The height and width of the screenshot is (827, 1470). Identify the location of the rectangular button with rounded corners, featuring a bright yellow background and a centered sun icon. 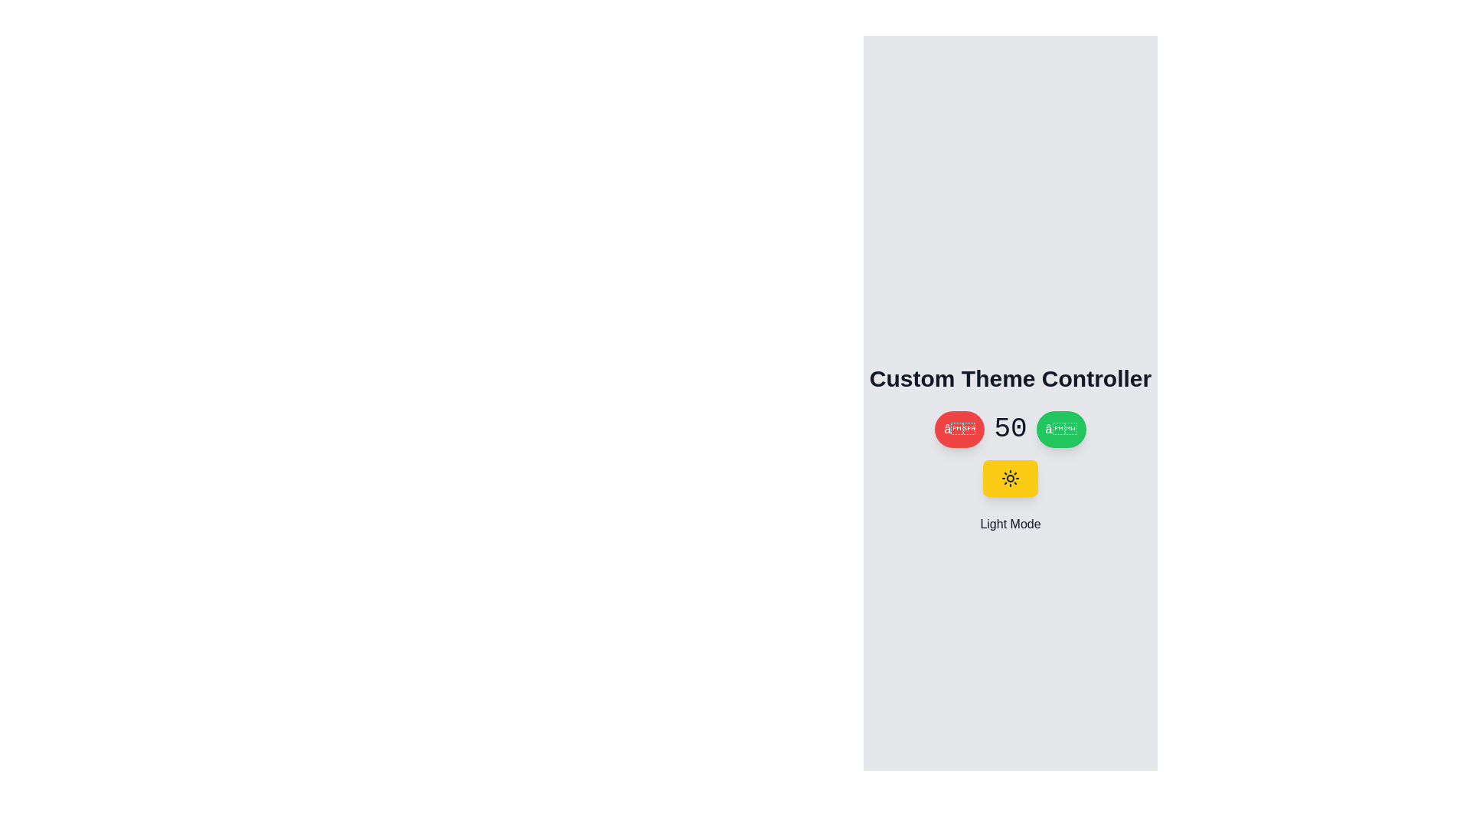
(1011, 477).